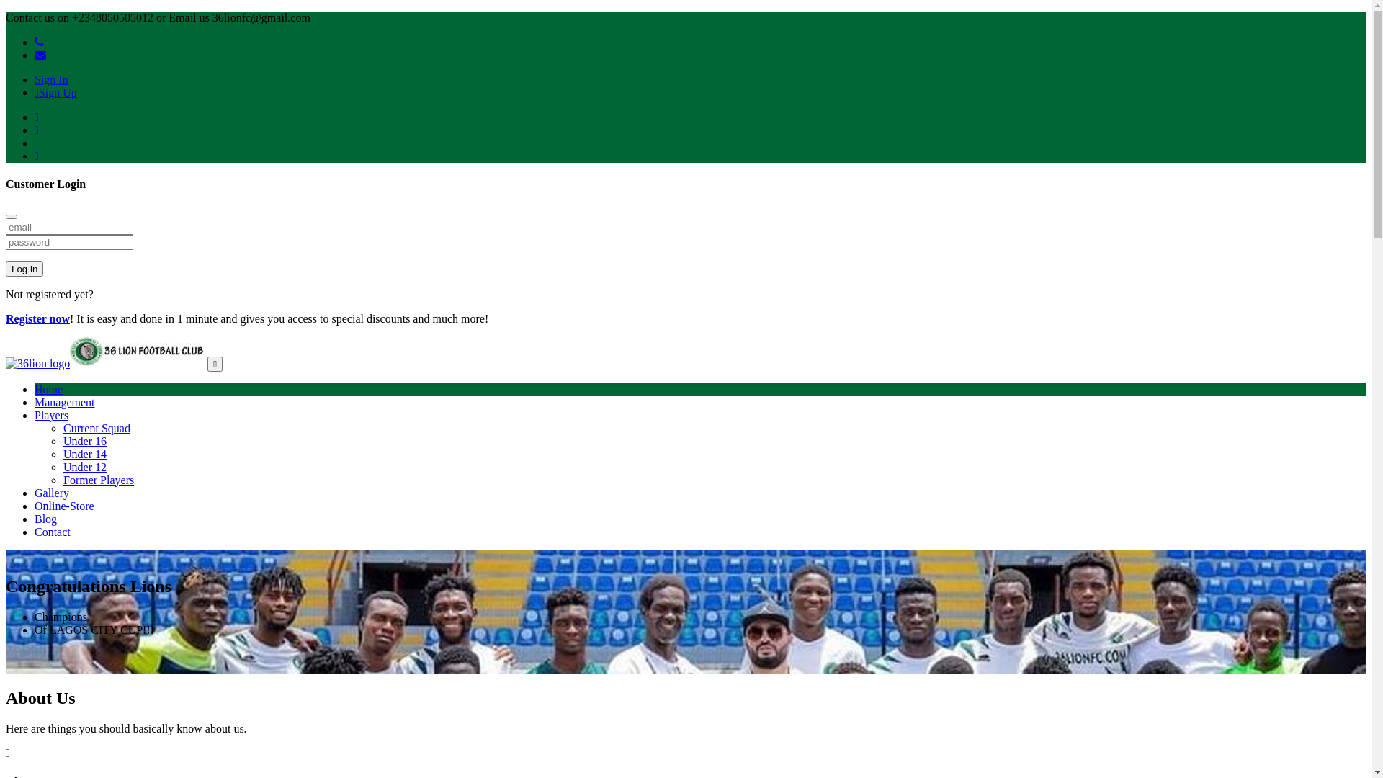  I want to click on 'Sign Up', so click(35, 92).